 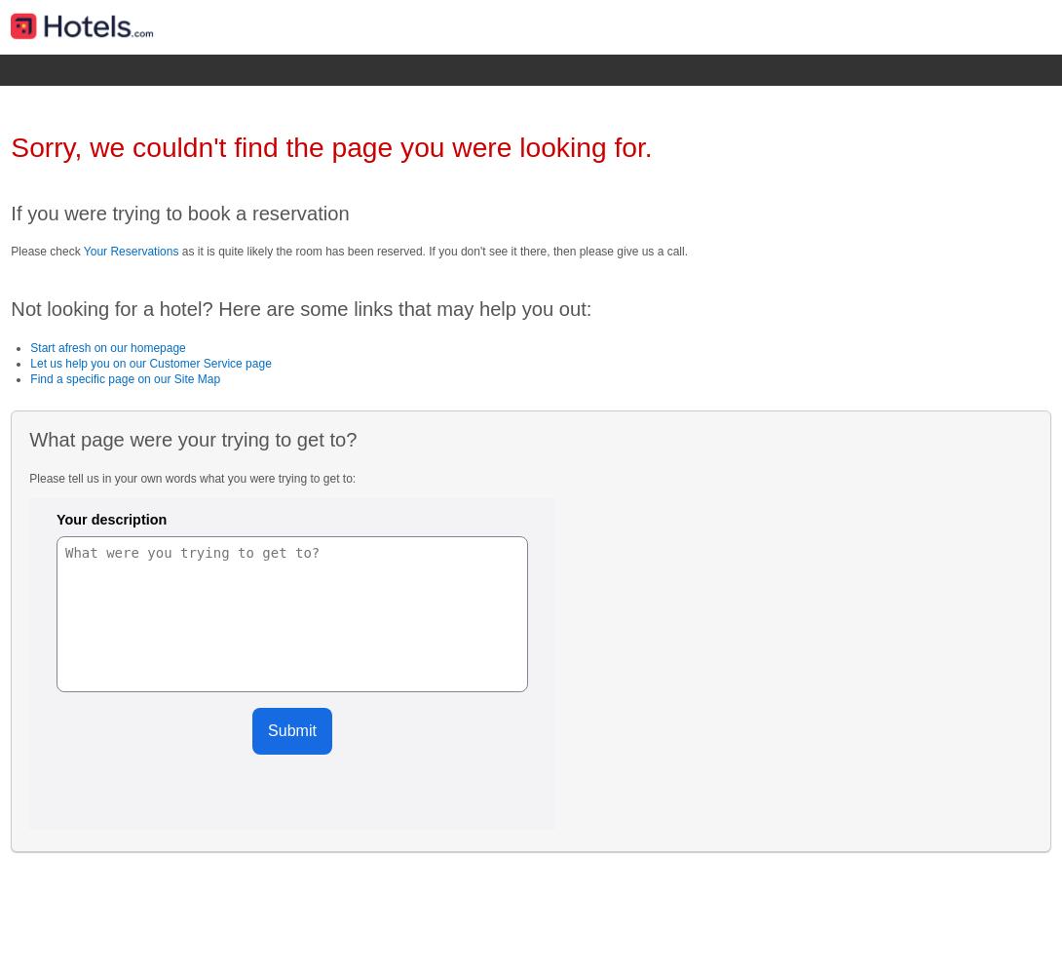 What do you see at coordinates (28, 439) in the screenshot?
I see `'What page were your trying to get to?'` at bounding box center [28, 439].